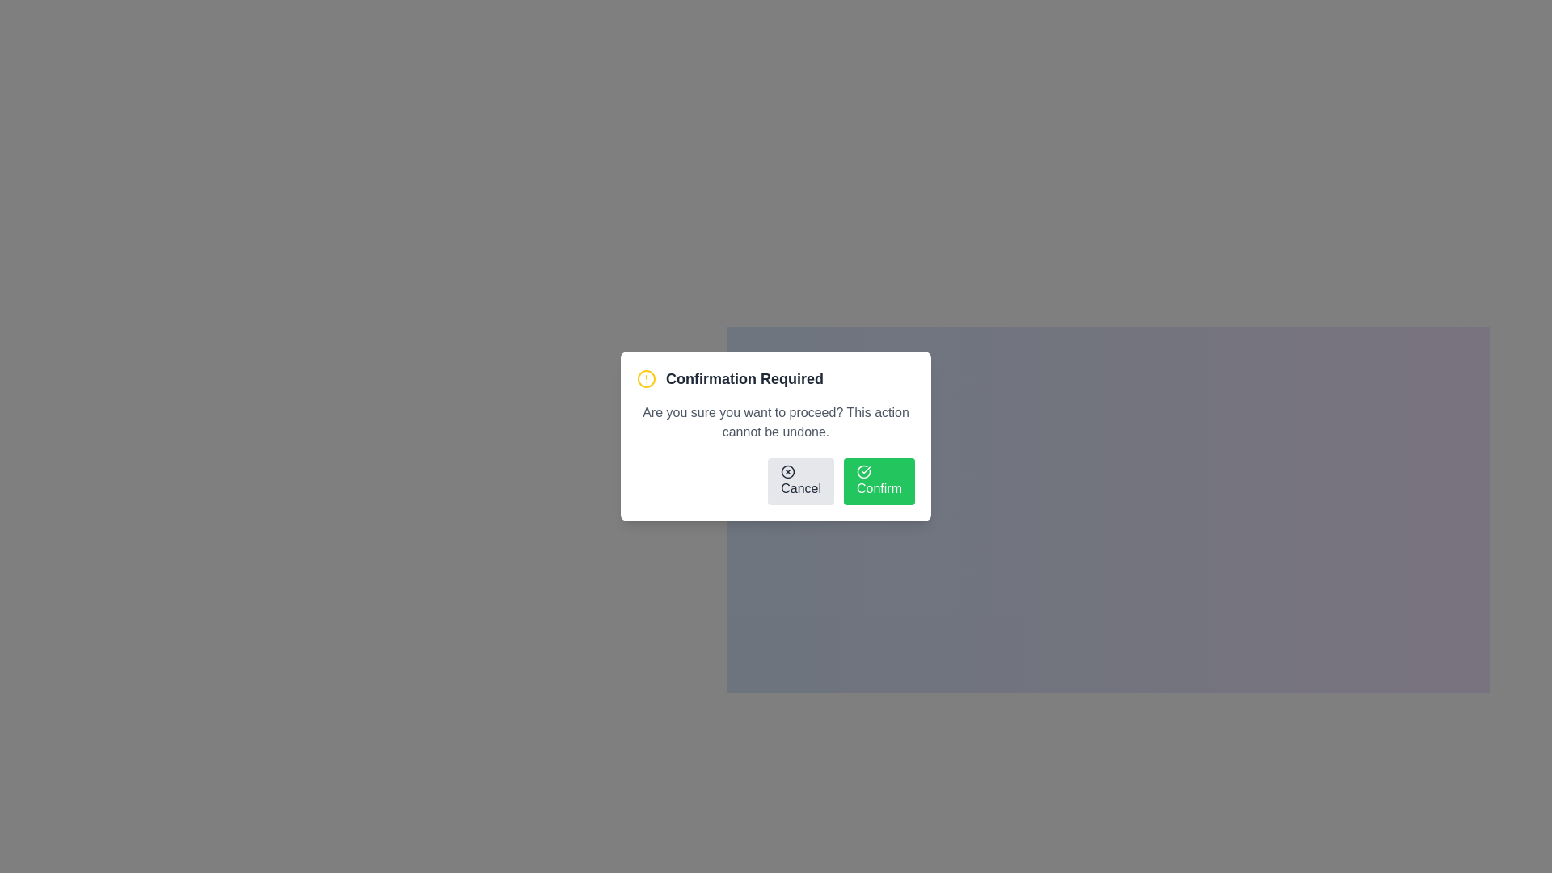 This screenshot has height=873, width=1552. I want to click on the 'Cancel' button, which is a rectangular button with a light gray background and rounded corners, containing a circular 'X' icon on the left and the text 'Cancel' in dark gray on the right, located at the lower part of a modal dialog box as the leftmost button, so click(801, 481).